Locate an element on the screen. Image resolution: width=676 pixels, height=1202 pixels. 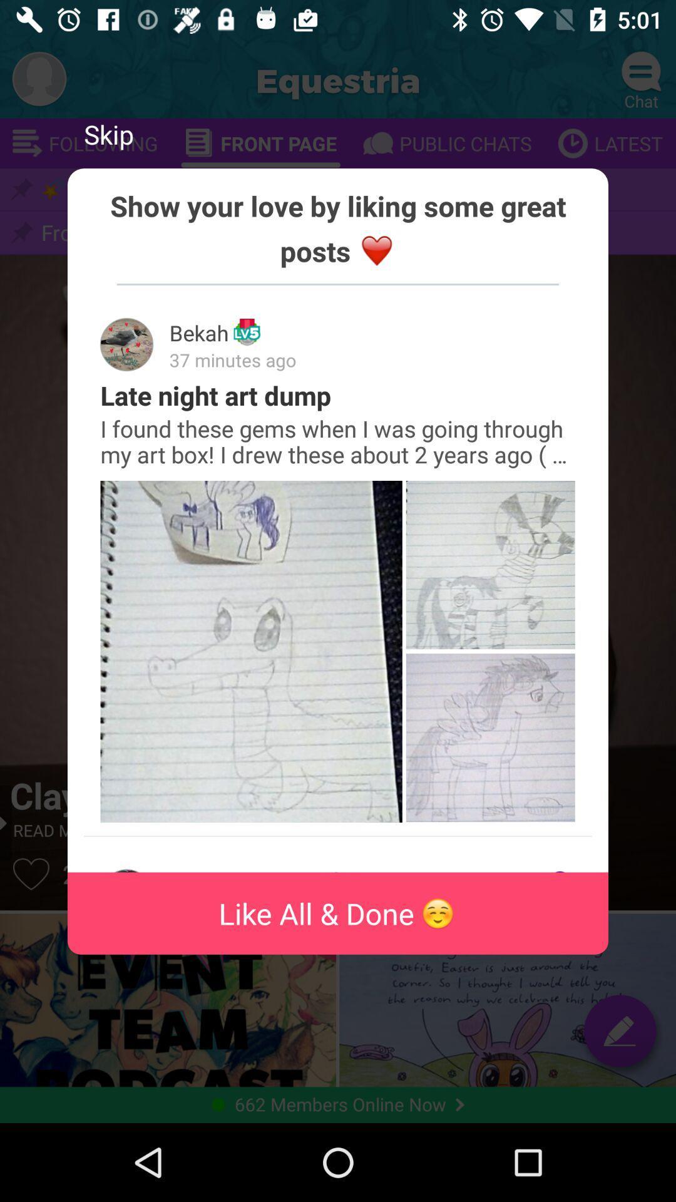
the avatar icon is located at coordinates (38, 78).